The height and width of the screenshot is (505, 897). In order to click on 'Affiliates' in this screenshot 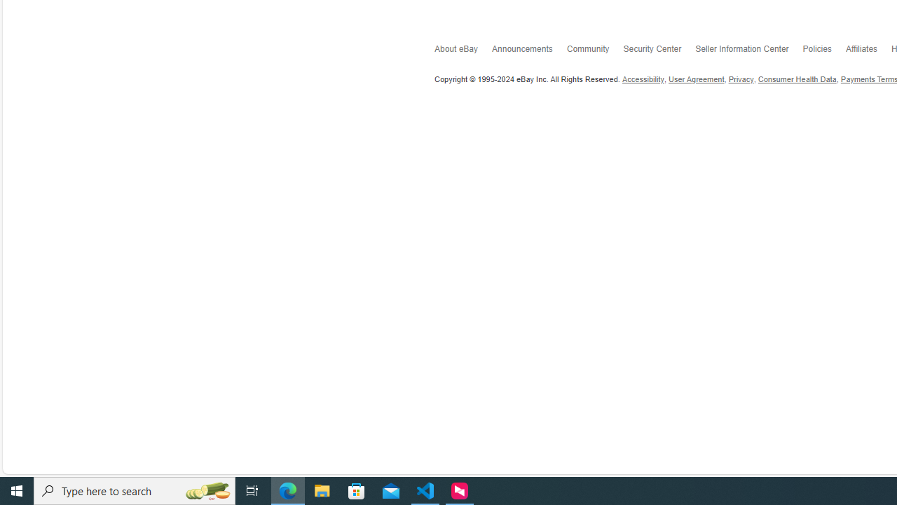, I will do `click(868, 50)`.